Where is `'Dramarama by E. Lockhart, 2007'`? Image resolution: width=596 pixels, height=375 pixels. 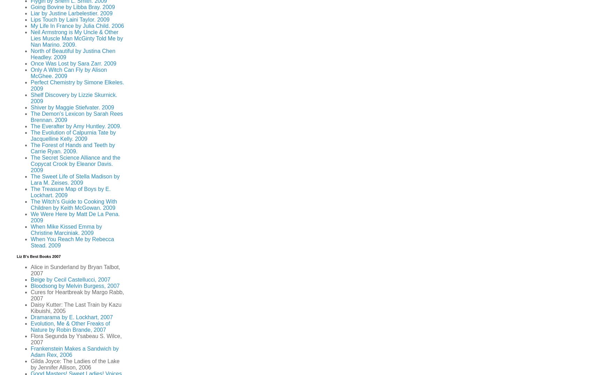
'Dramarama by E. Lockhart, 2007' is located at coordinates (71, 317).